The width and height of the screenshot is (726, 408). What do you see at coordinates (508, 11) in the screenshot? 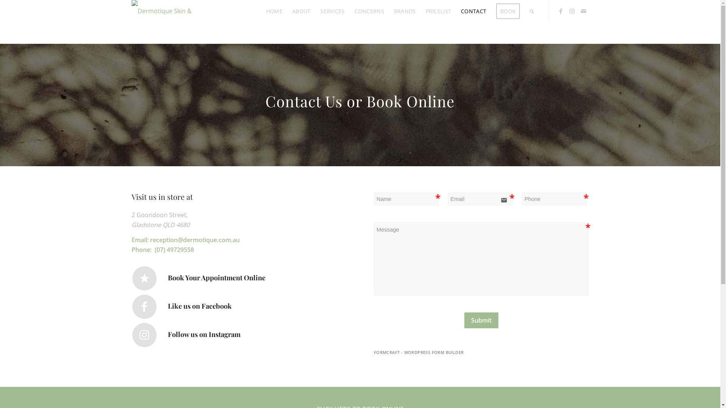
I see `'BOOK'` at bounding box center [508, 11].